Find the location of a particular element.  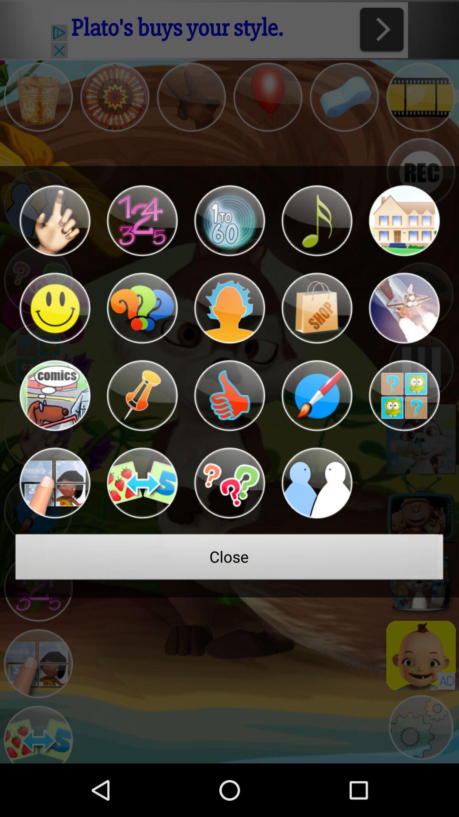

the music icon is located at coordinates (317, 236).